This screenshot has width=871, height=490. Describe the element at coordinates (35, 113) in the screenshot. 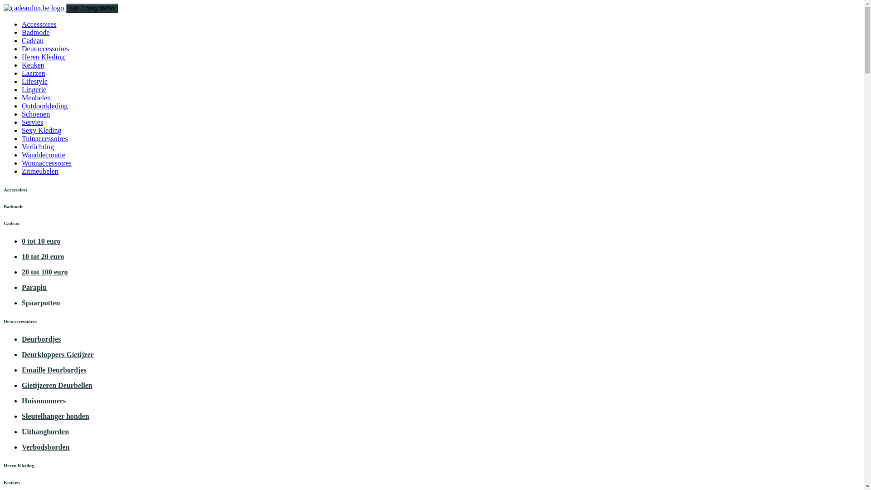

I see `'Schoenen'` at that location.